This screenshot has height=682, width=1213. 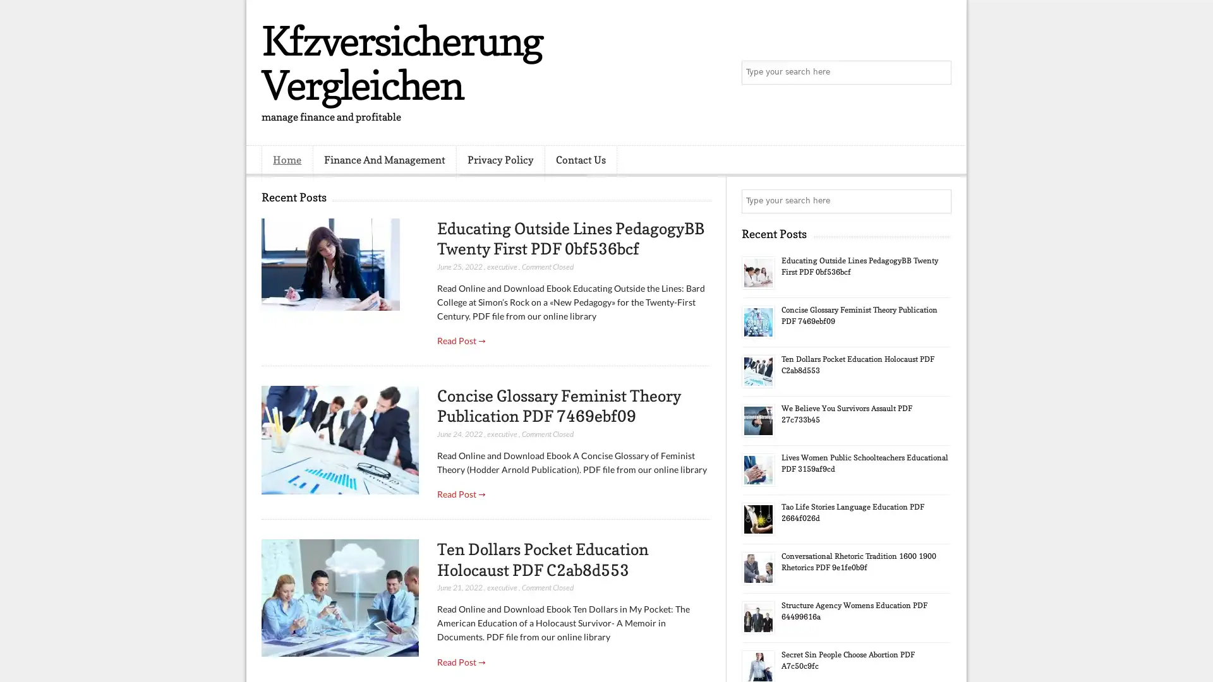 I want to click on Search, so click(x=938, y=201).